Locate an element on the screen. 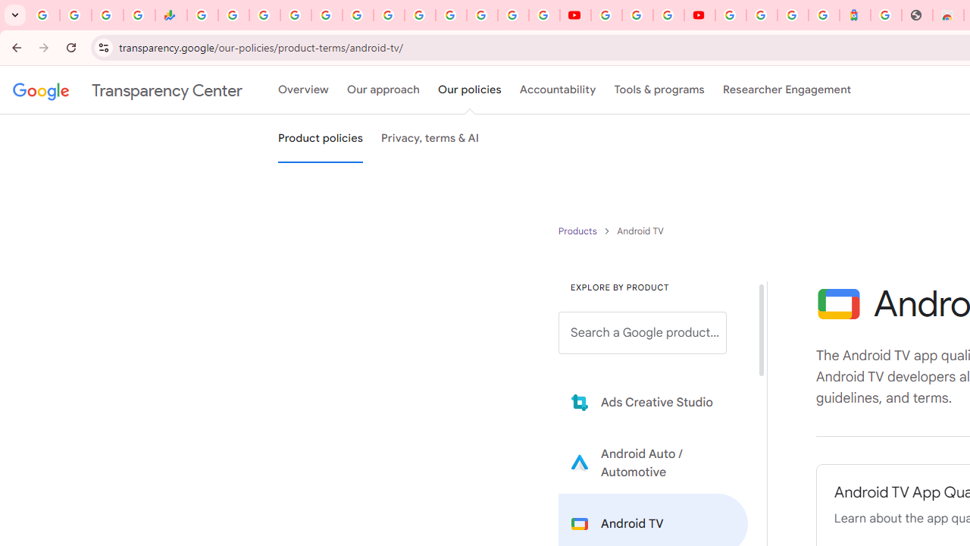 Image resolution: width=970 pixels, height=546 pixels. 'Learn more about Android Auto' is located at coordinates (653, 462).